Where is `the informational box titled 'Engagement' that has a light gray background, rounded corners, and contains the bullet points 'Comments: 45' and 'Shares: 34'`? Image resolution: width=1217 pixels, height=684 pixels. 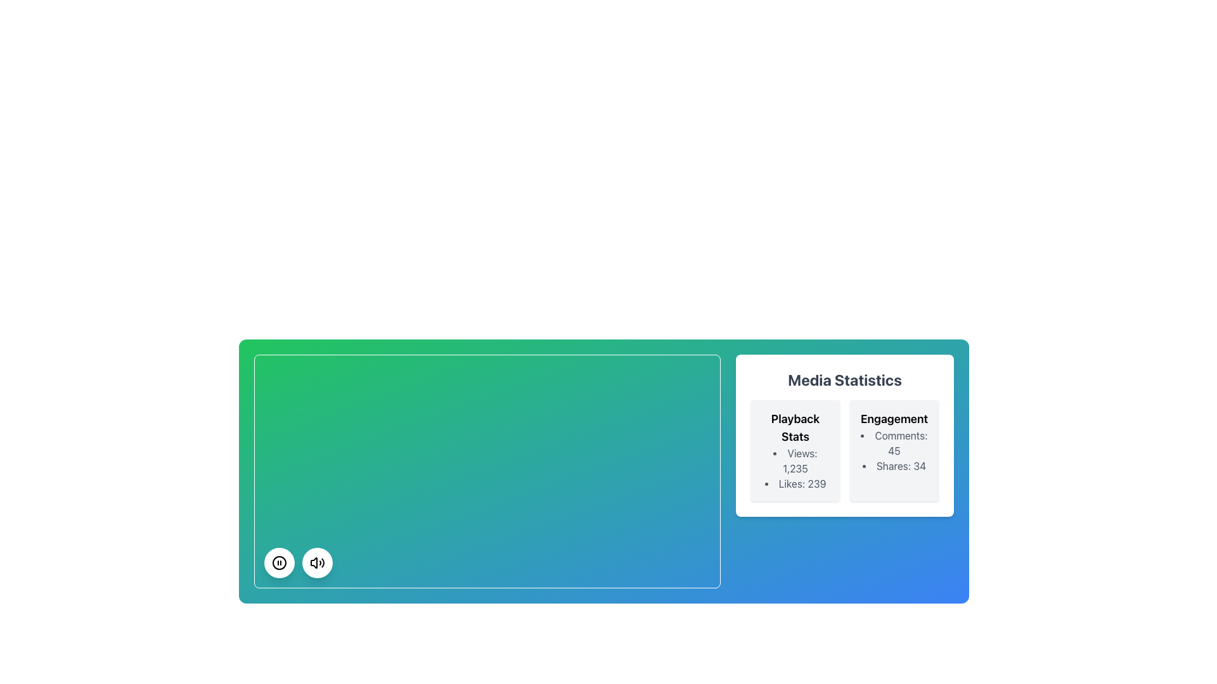 the informational box titled 'Engagement' that has a light gray background, rounded corners, and contains the bullet points 'Comments: 45' and 'Shares: 34' is located at coordinates (894, 450).